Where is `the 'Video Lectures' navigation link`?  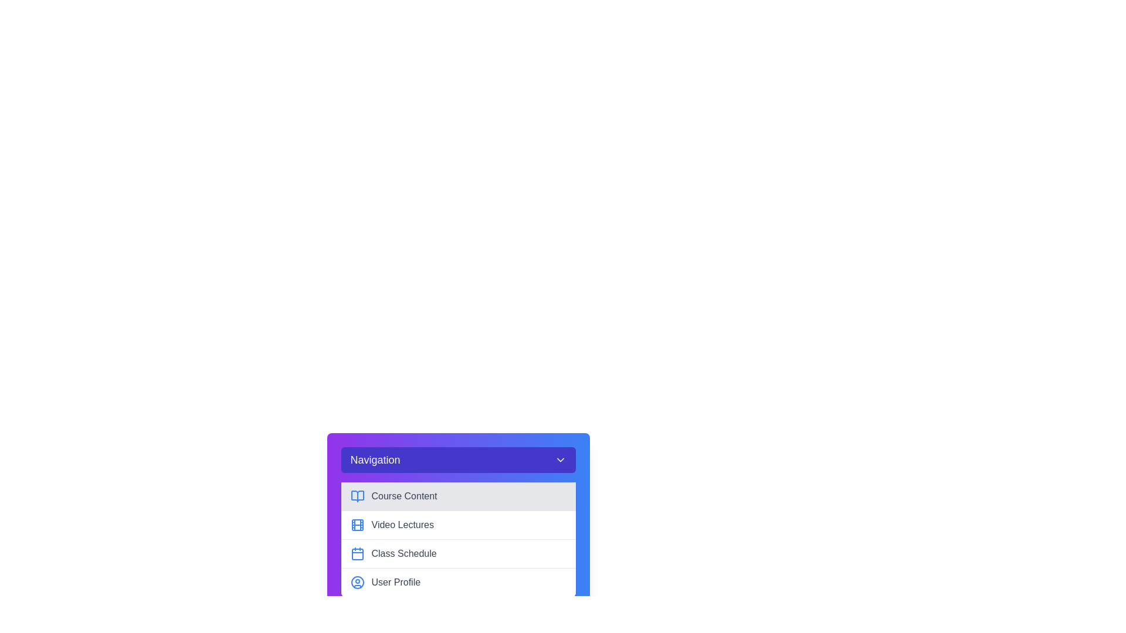 the 'Video Lectures' navigation link is located at coordinates (402, 524).